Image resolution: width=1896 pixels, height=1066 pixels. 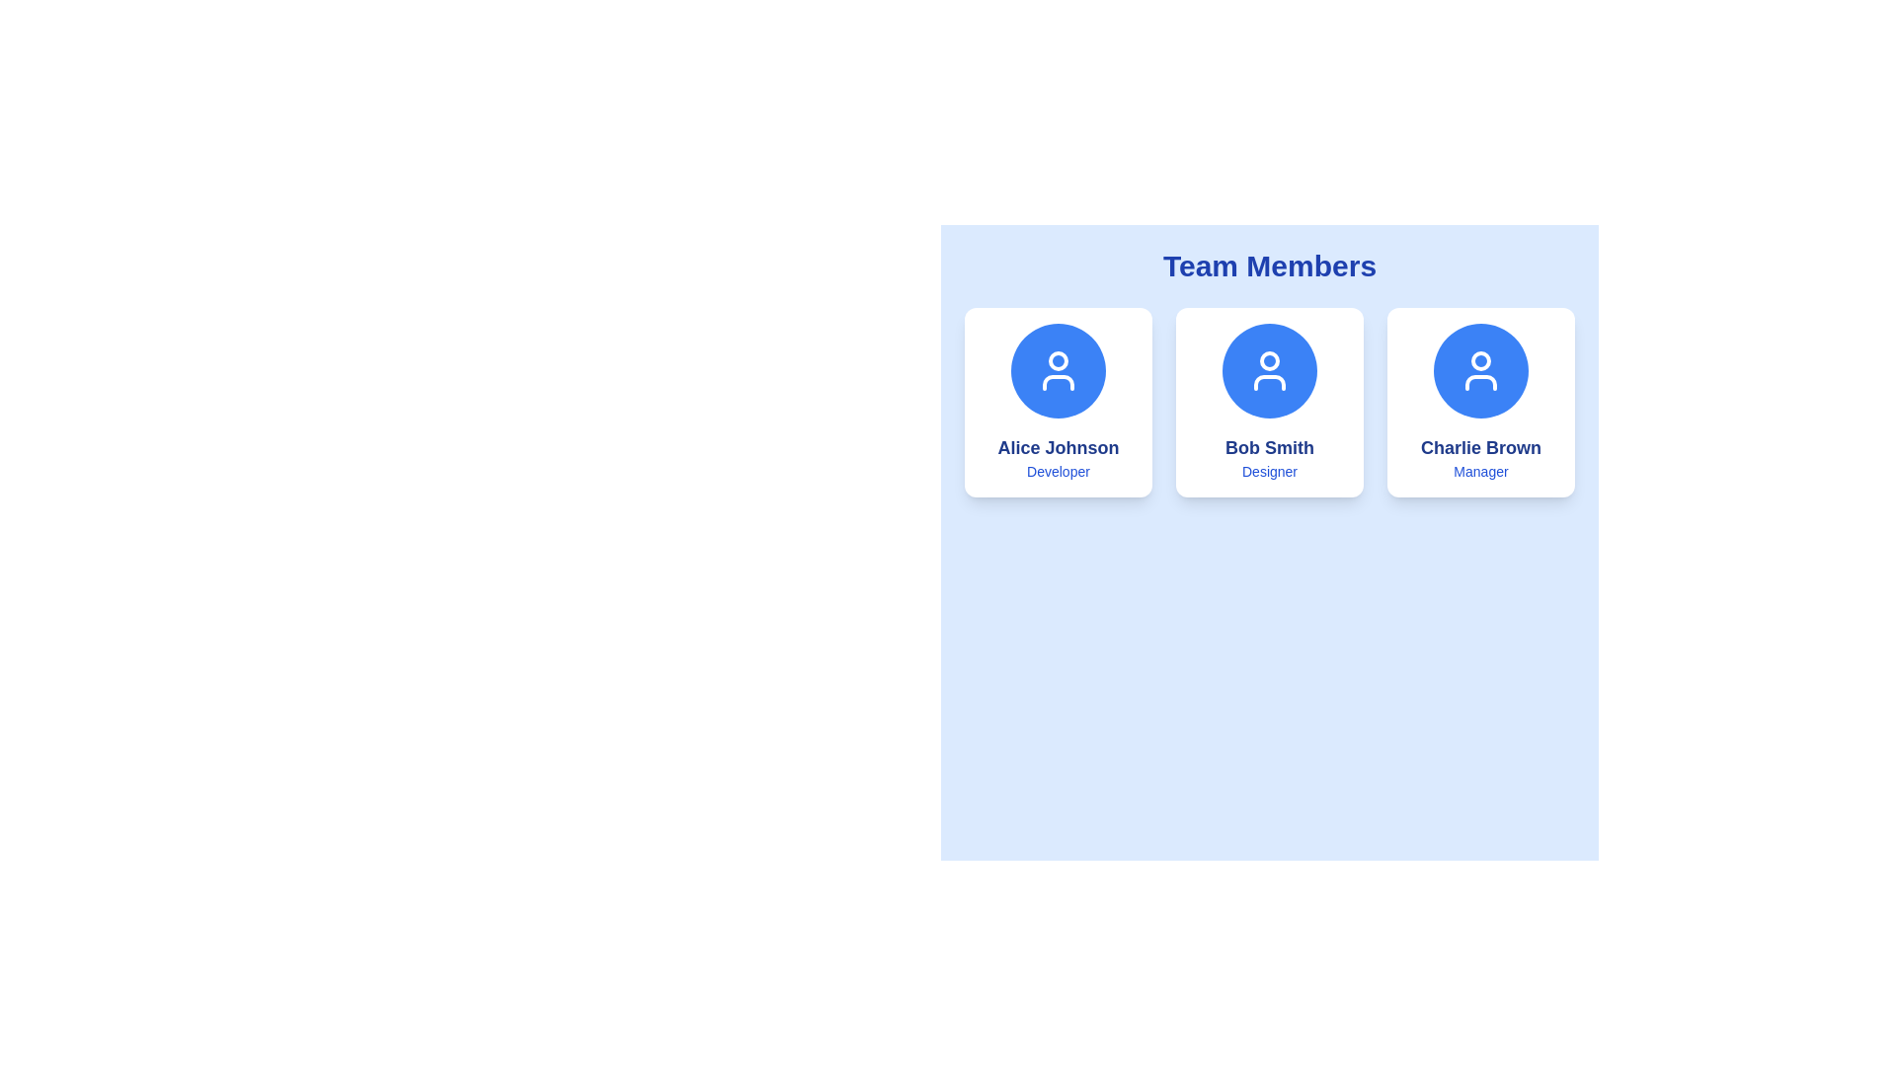 What do you see at coordinates (1057, 361) in the screenshot?
I see `the solid blue SVG Circle icon located within the upper part of the user avatar for 'Alice Johnson' in the 'Team Members' section` at bounding box center [1057, 361].